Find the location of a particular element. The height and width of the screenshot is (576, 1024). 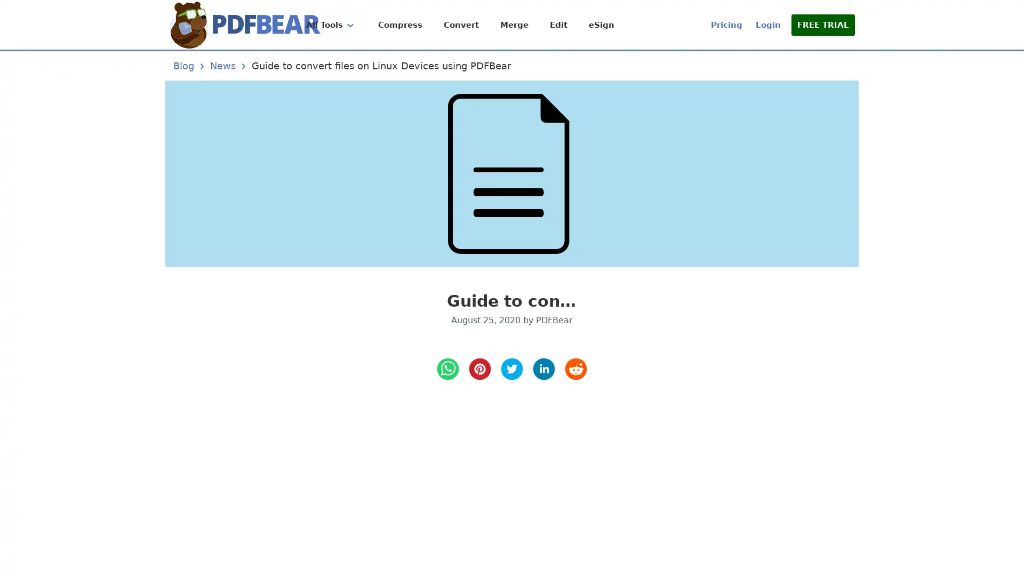

Blog is located at coordinates (183, 66).